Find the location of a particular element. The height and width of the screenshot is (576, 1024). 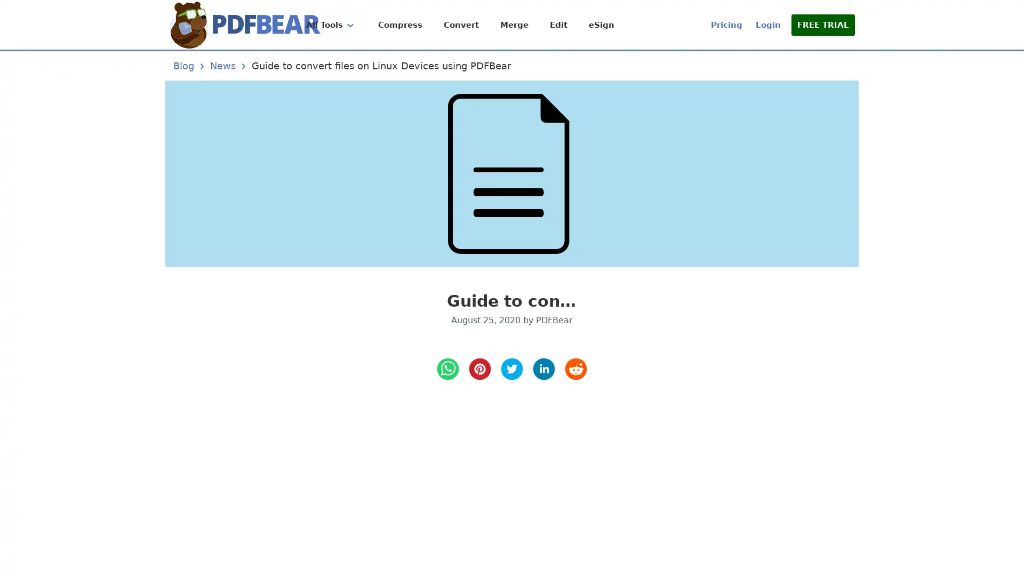

Blog is located at coordinates (183, 66).